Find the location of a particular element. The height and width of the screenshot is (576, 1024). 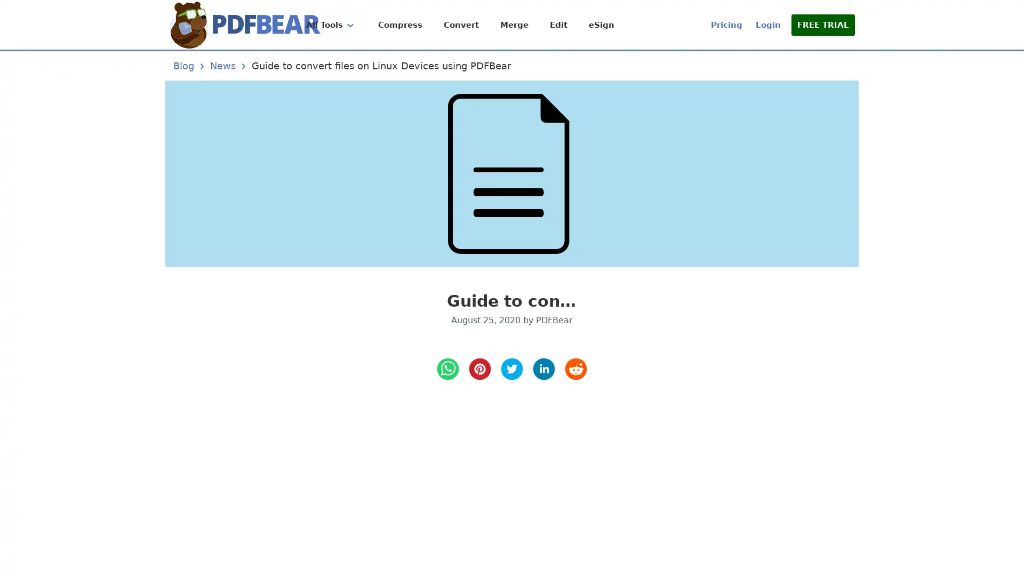

Blog is located at coordinates (183, 66).